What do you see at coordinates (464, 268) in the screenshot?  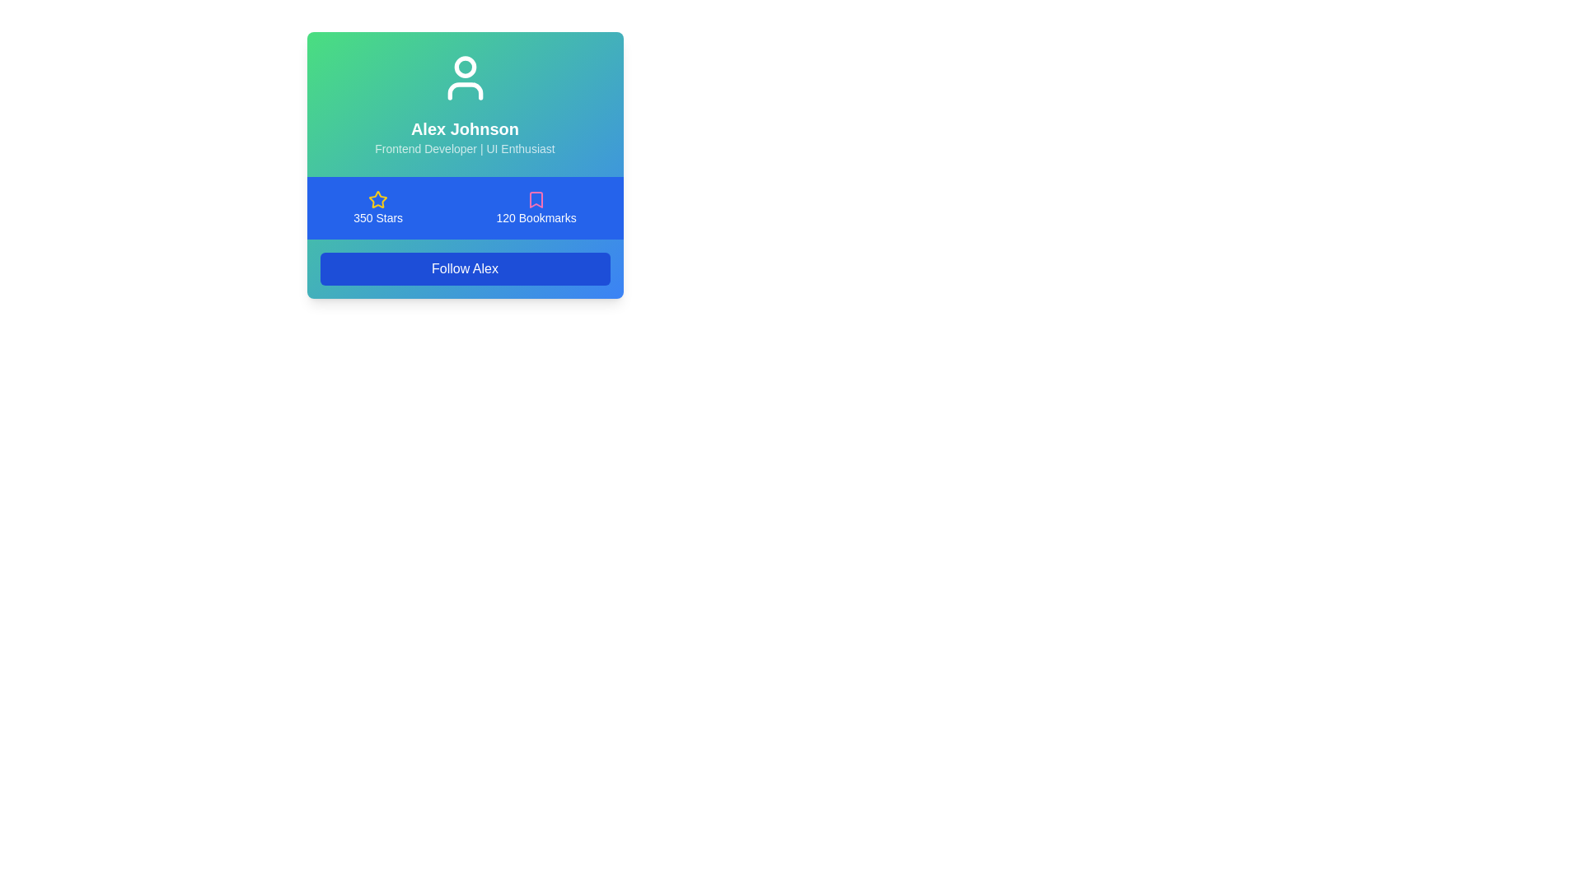 I see `the button with the bold blue background that reads 'Follow Alex'` at bounding box center [464, 268].